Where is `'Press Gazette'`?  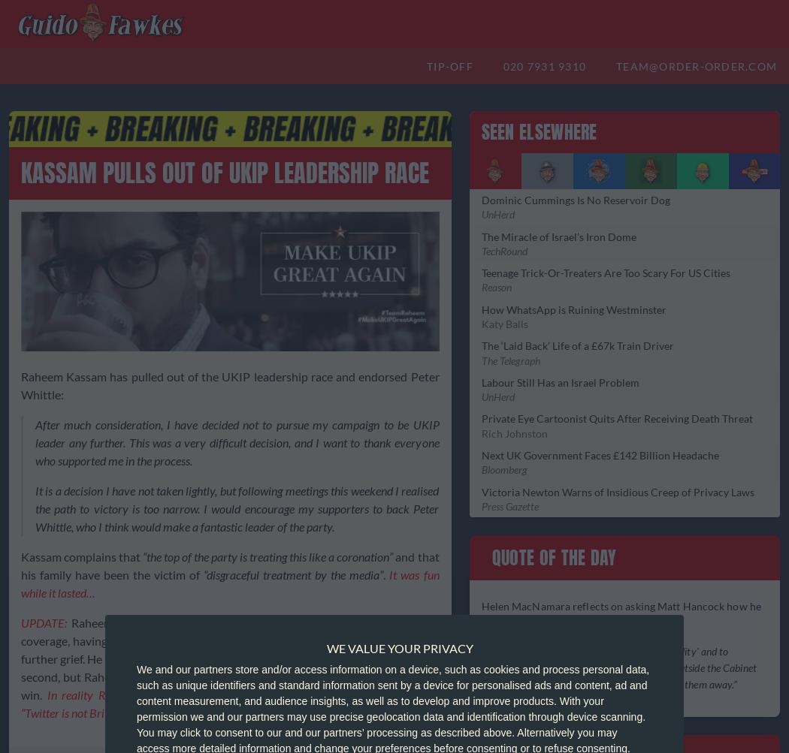
'Press Gazette' is located at coordinates (509, 505).